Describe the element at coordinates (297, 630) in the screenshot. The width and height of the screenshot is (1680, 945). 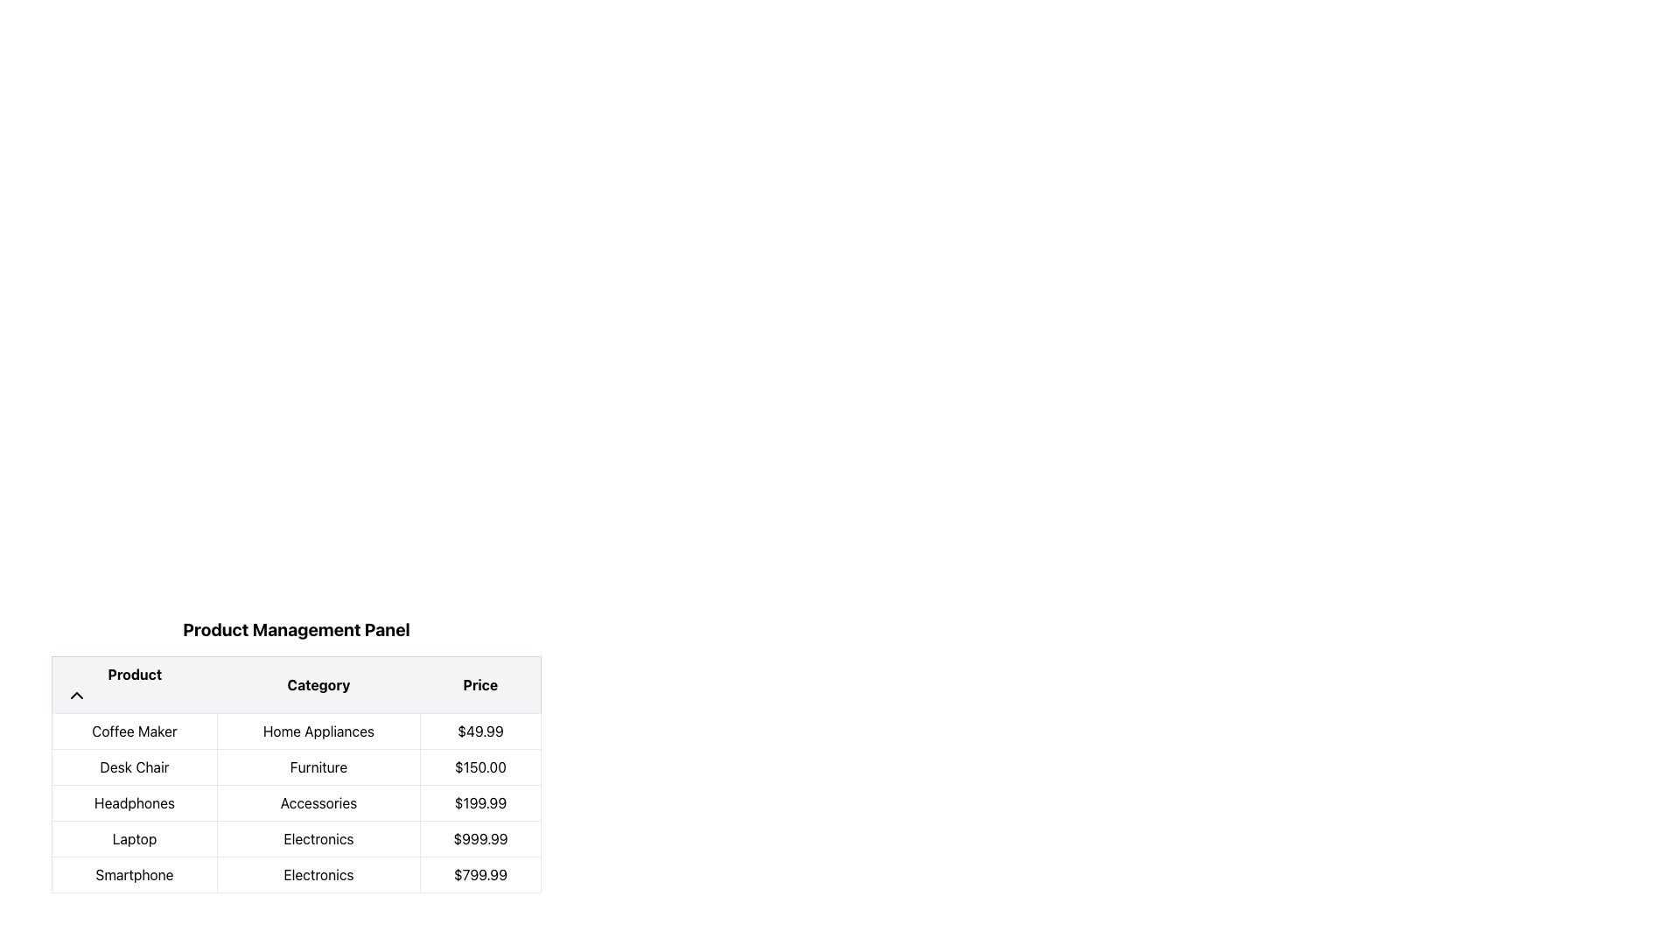
I see `the Text Label that serves as a title for the product management section, located above the product details table` at that location.